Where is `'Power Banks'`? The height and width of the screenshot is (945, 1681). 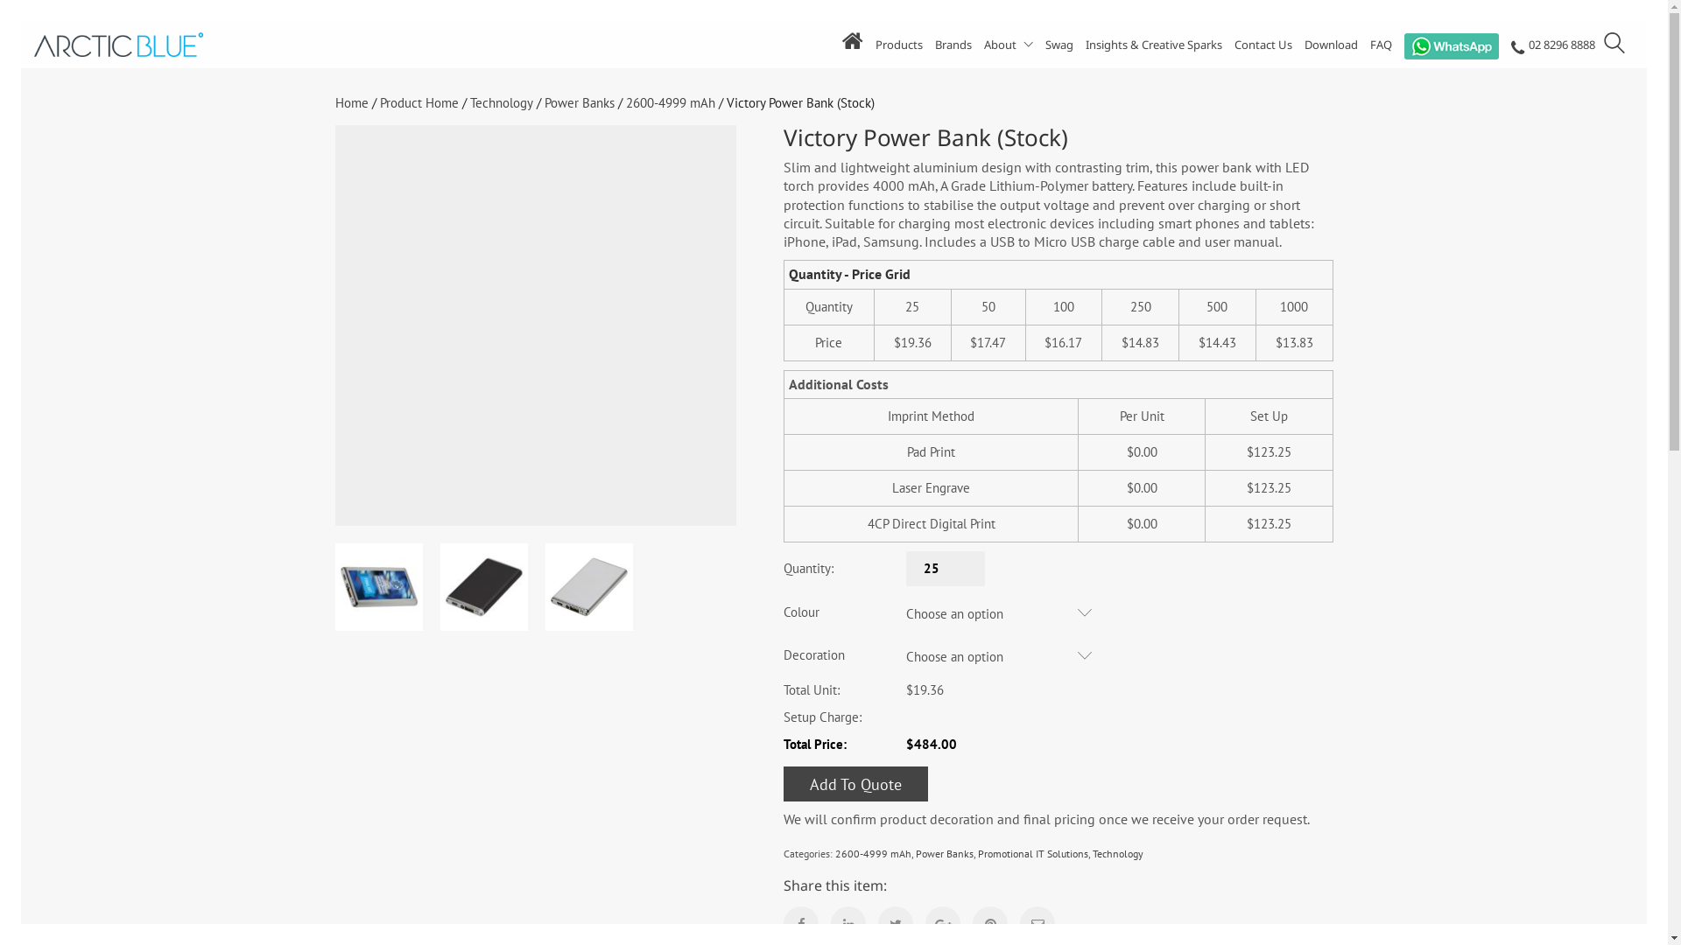
'Power Banks' is located at coordinates (915, 852).